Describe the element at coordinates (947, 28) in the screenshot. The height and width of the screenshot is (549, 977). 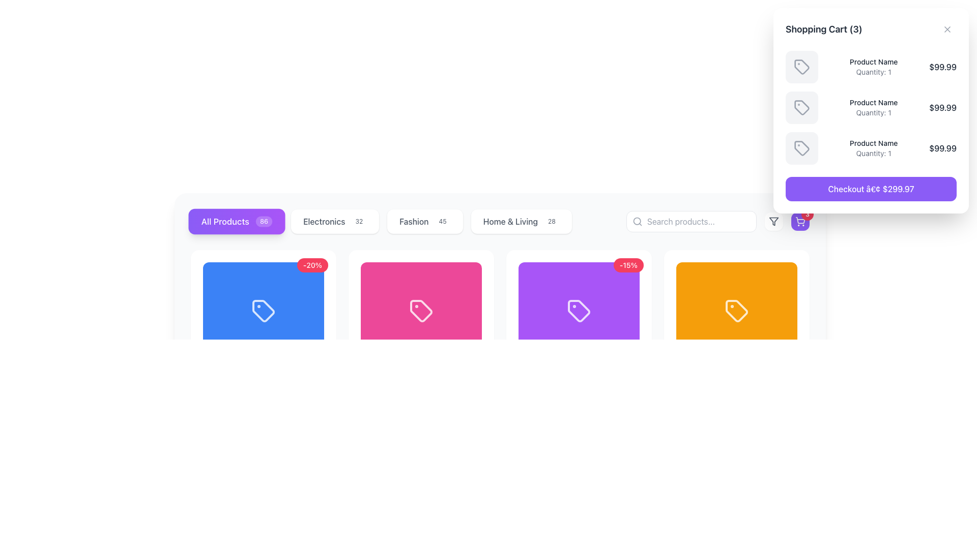
I see `the close icon button located at the top-right corner of the shopping cart dropdown interface to observe its color-change effect` at that location.